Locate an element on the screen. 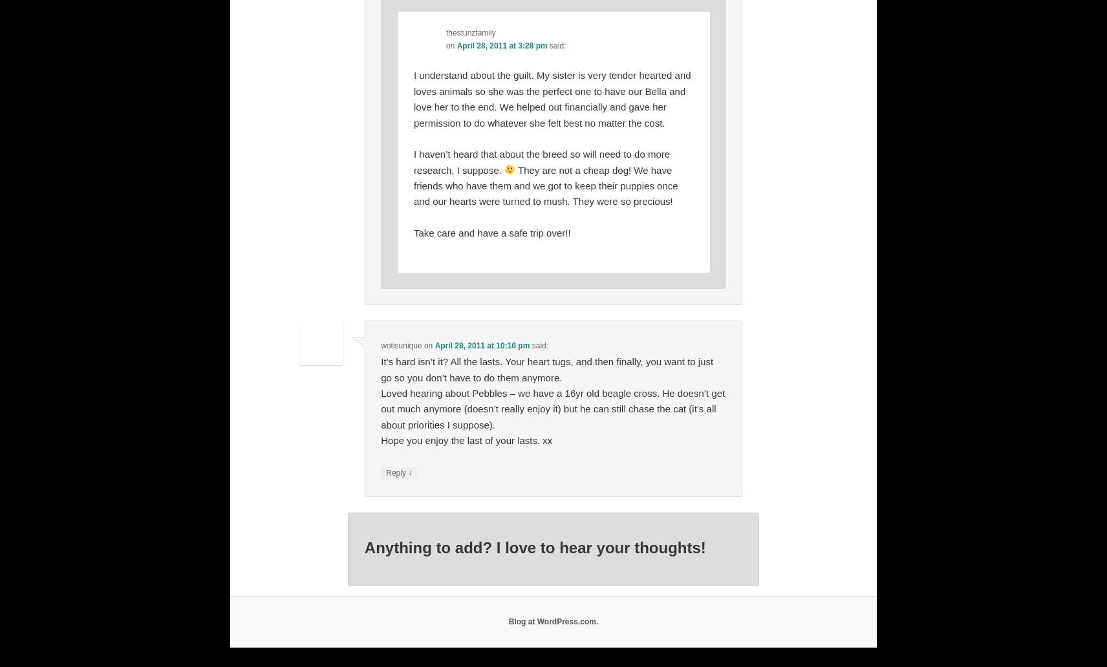 Image resolution: width=1107 pixels, height=667 pixels. 'They are not a cheap dog! We have friends who have them and we got to keep their puppies once and our hearts were turned to mush. They were so precious!' is located at coordinates (545, 185).